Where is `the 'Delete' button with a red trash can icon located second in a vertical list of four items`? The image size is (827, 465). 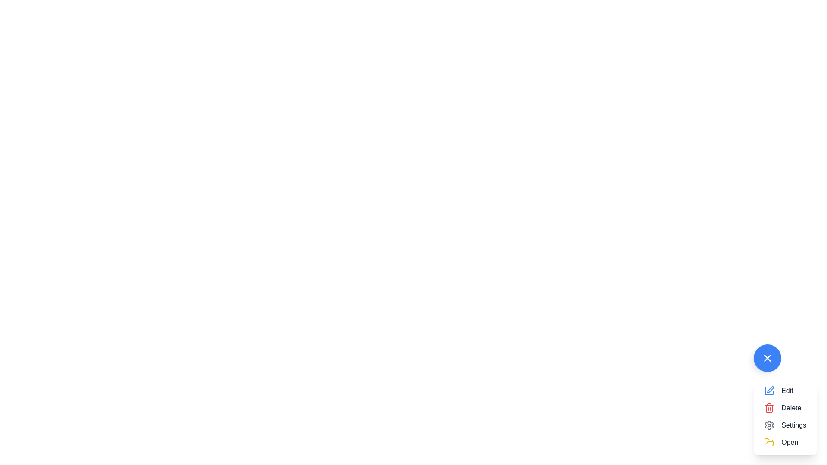
the 'Delete' button with a red trash can icon located second in a vertical list of four items is located at coordinates (785, 408).